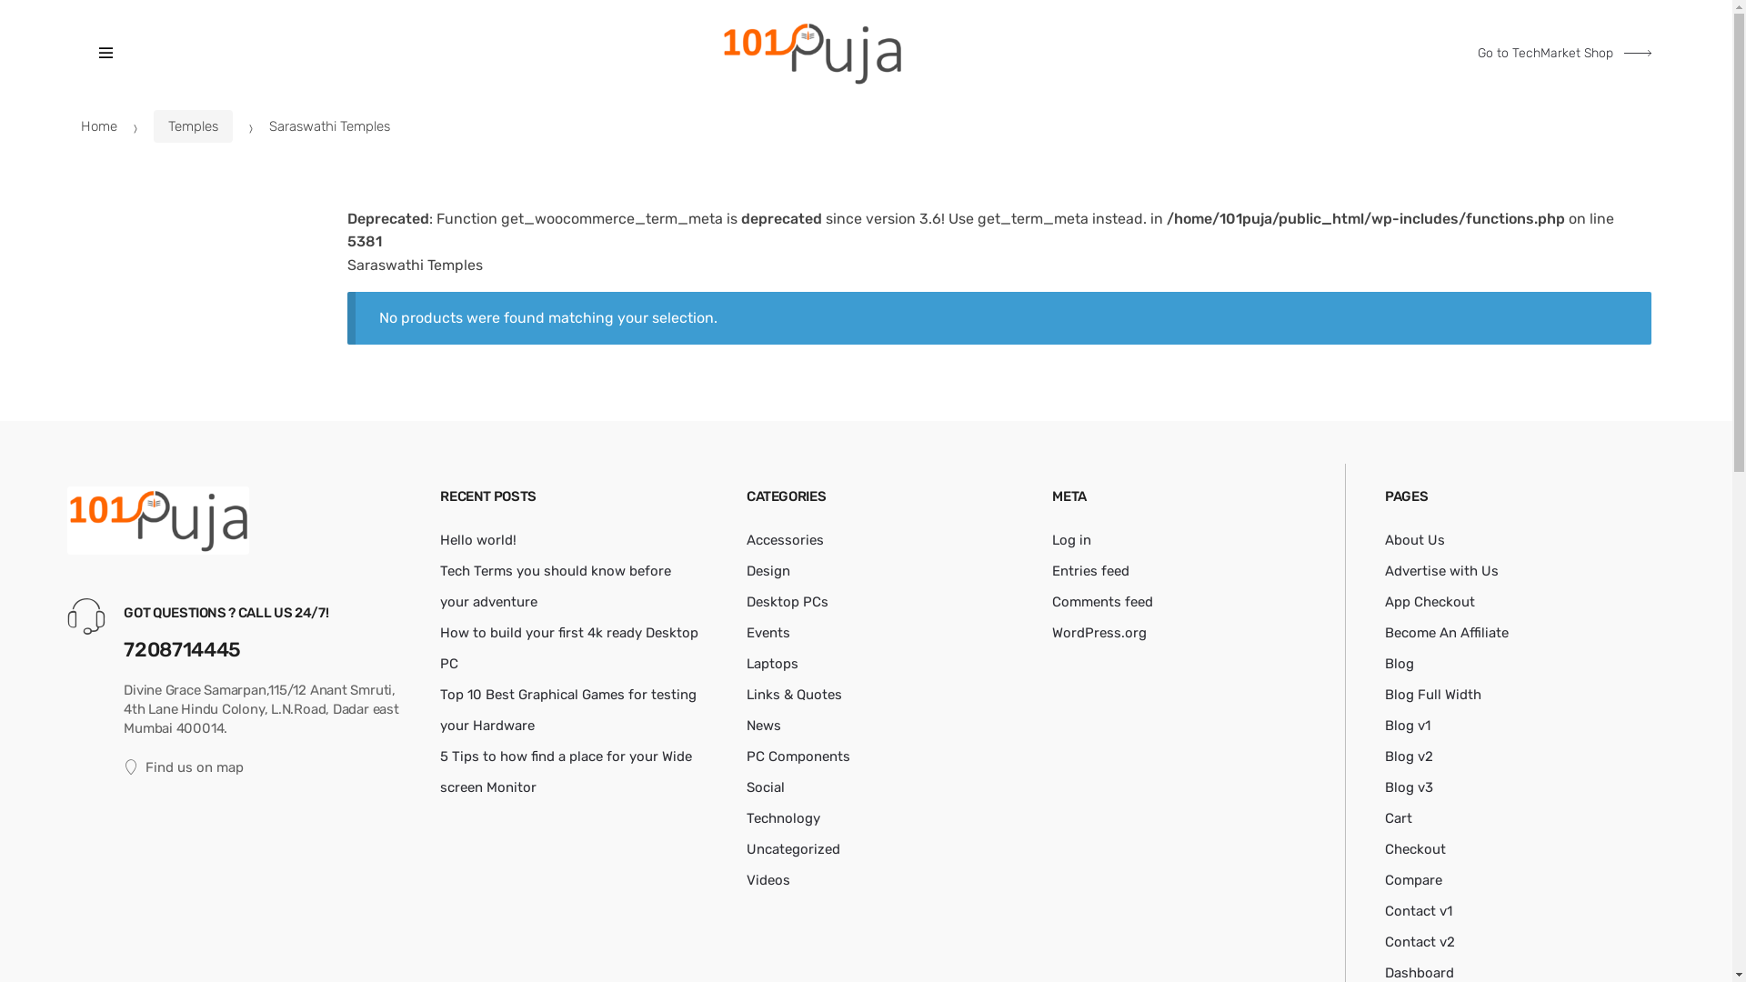 The image size is (1746, 982). I want to click on 'Contact v1', so click(1418, 911).